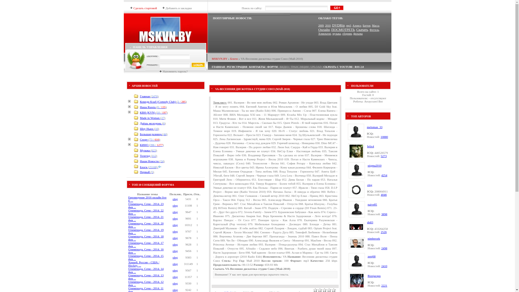 The image size is (519, 292). Describe the element at coordinates (354, 67) in the screenshot. I see `'RSS 2.0'` at that location.